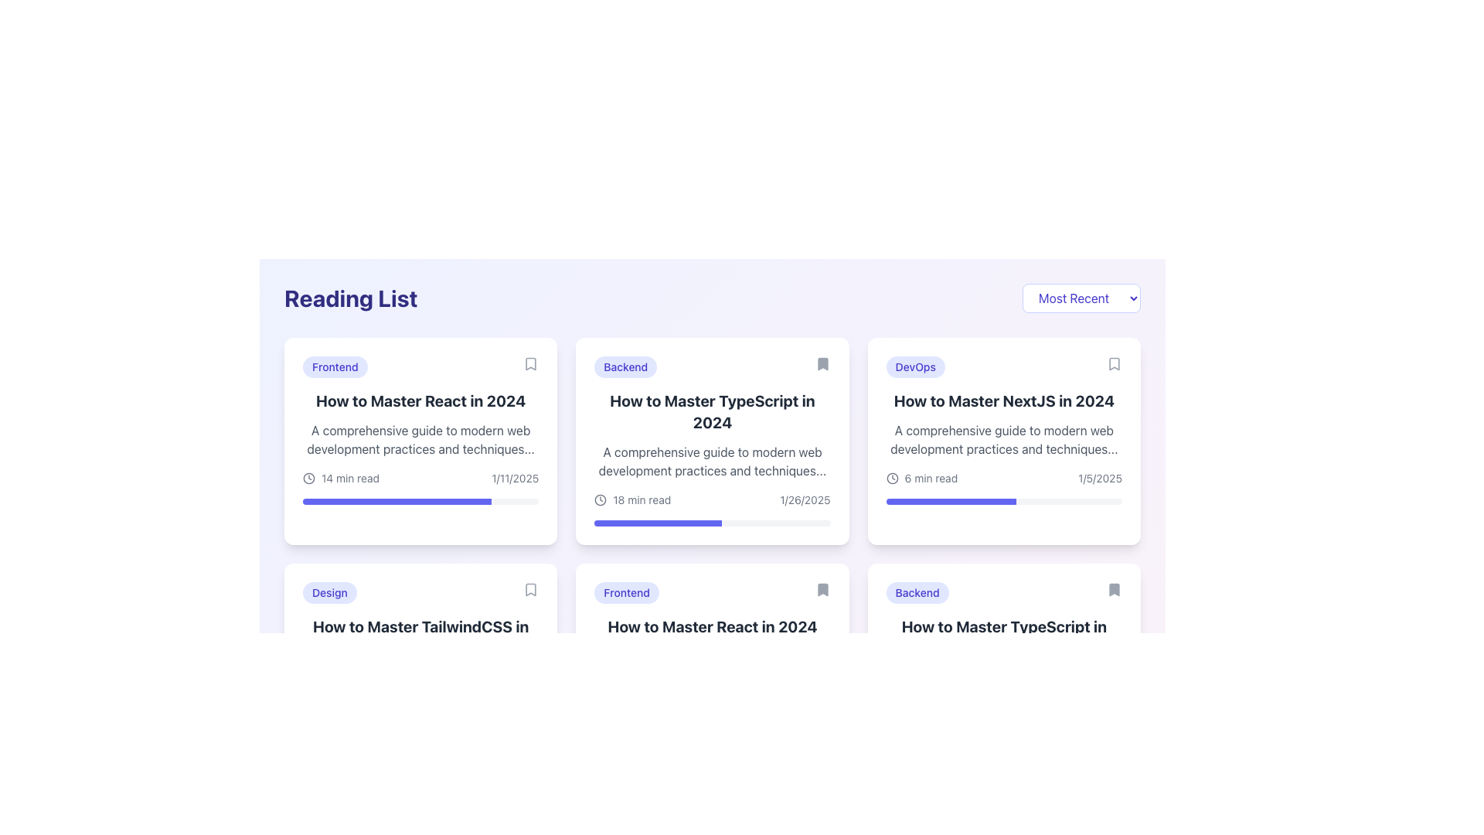 The width and height of the screenshot is (1484, 835). I want to click on the card titled 'How to Master React in 2024' located in the bottom row, middle column of the reading list grid, so click(711, 666).